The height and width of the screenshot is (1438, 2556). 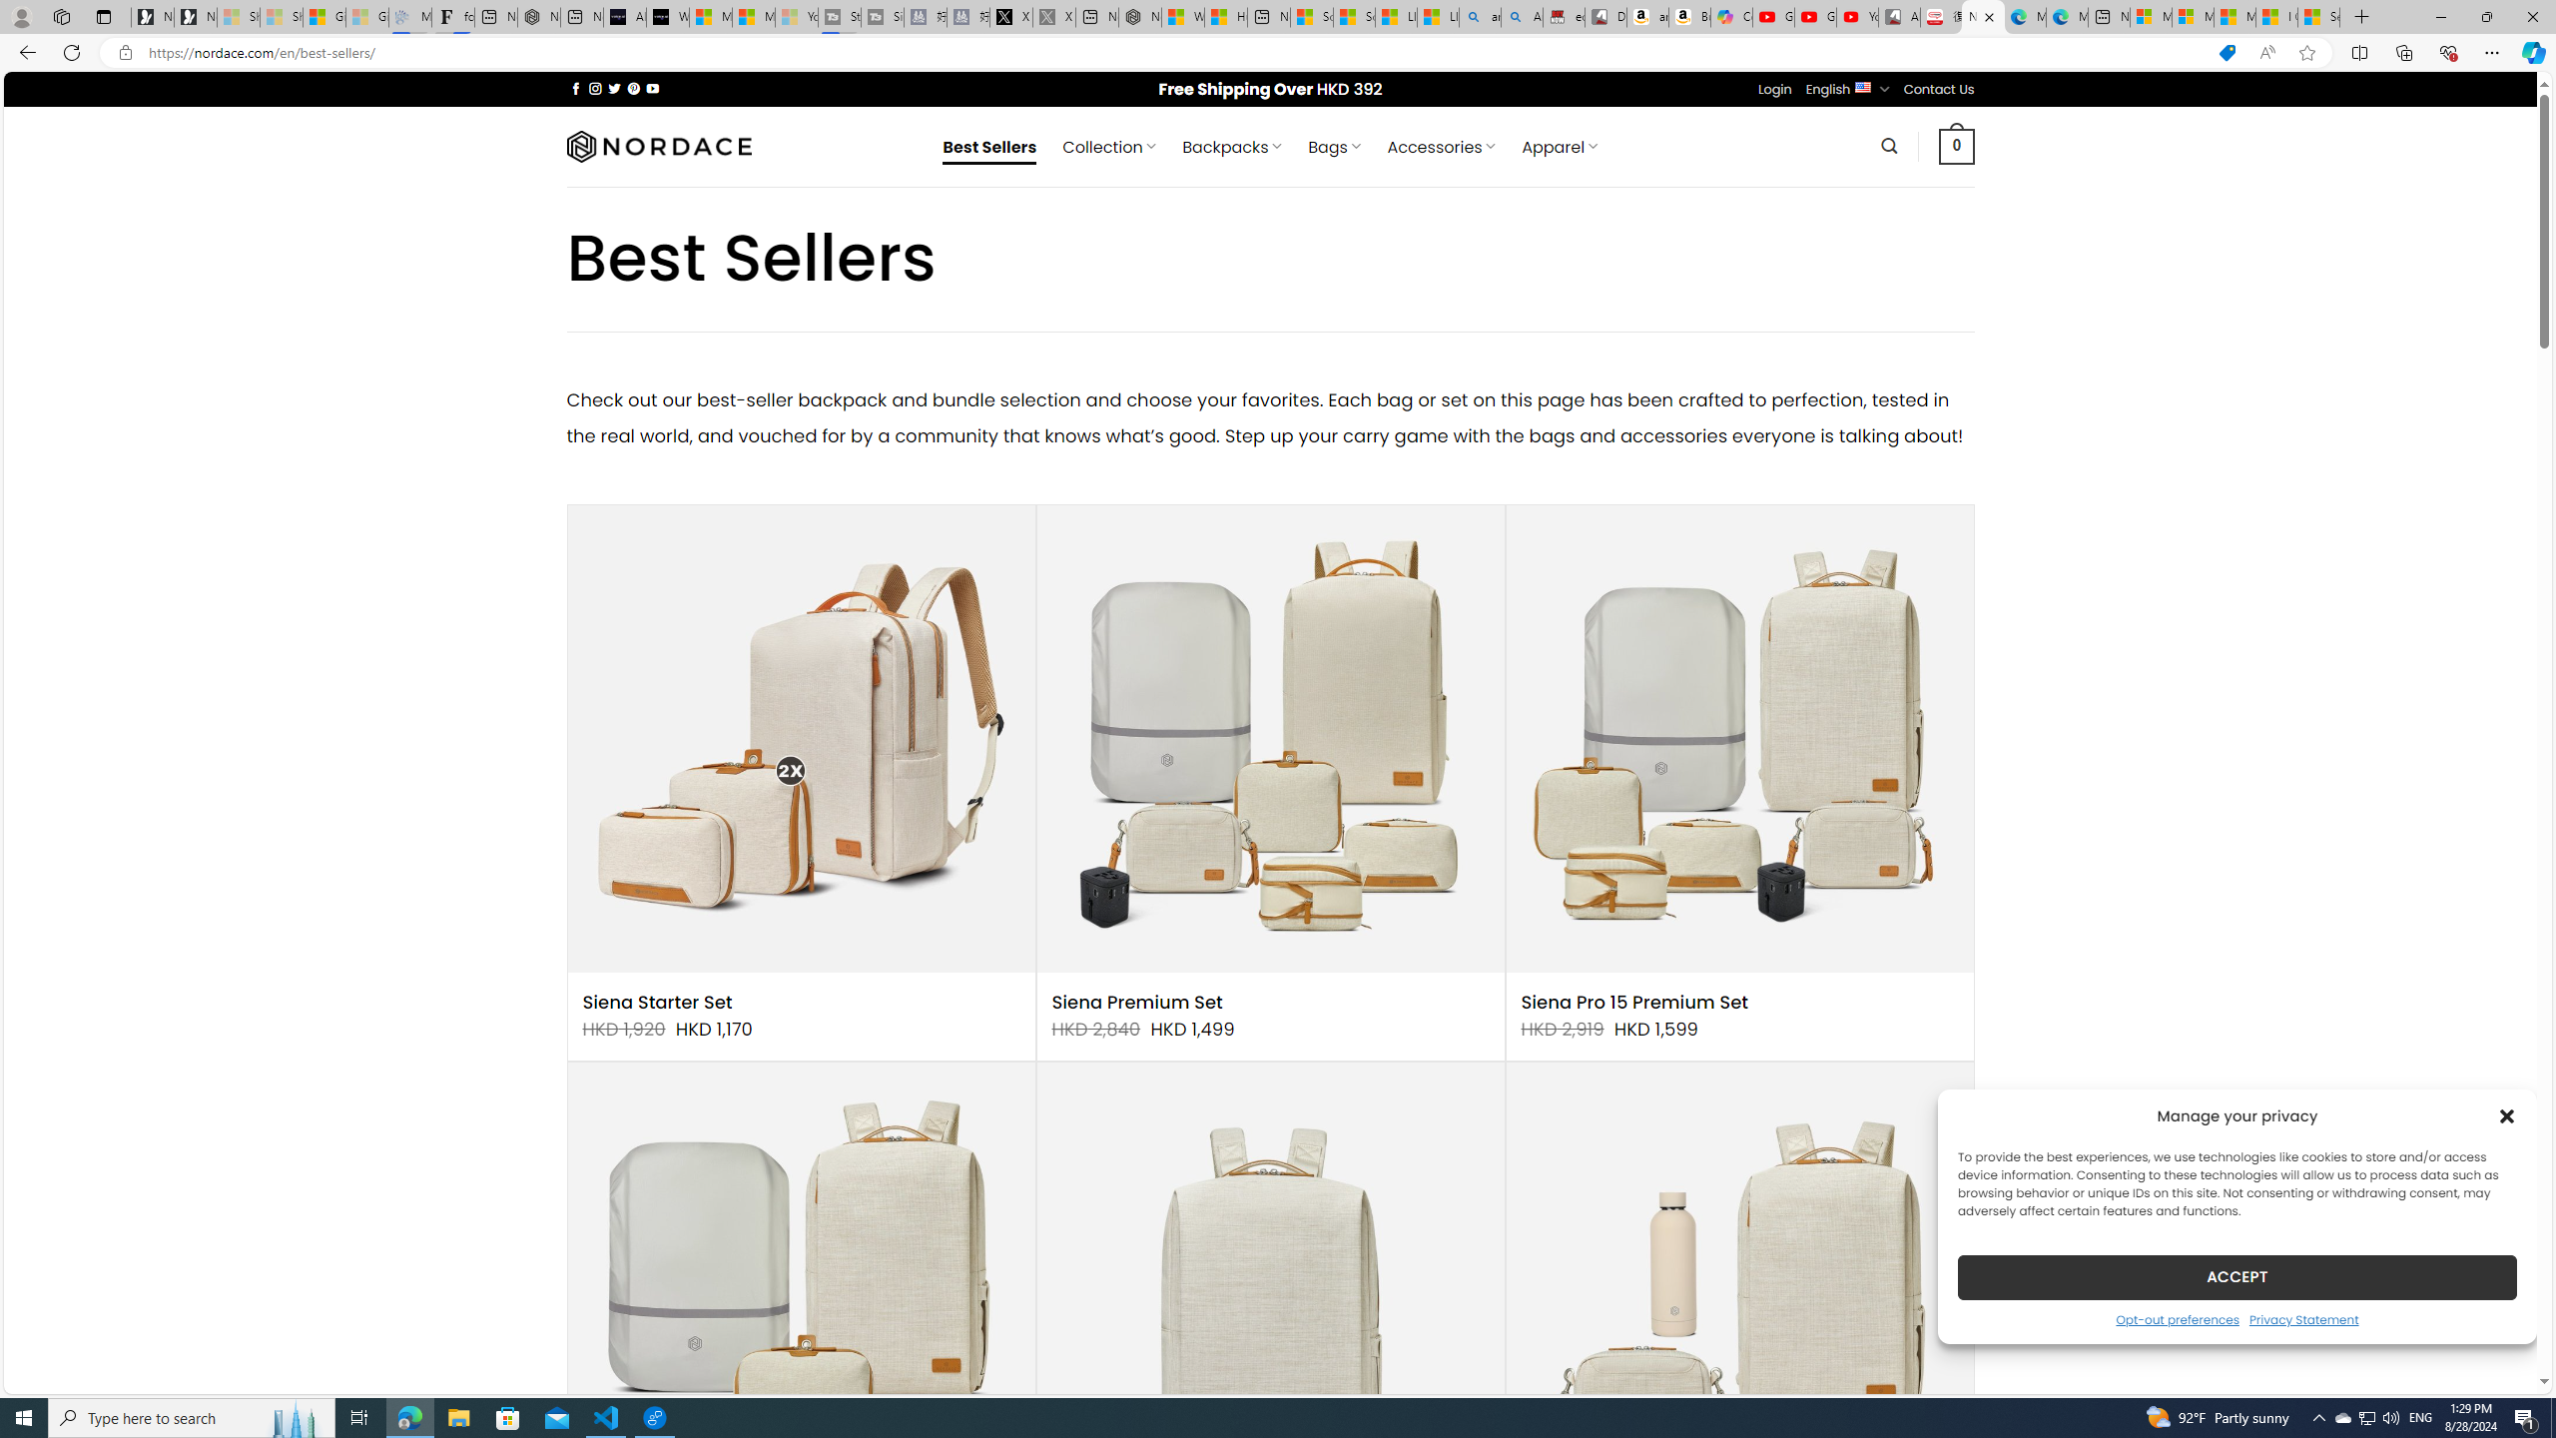 What do you see at coordinates (2531, 172) in the screenshot?
I see `'Outlook'` at bounding box center [2531, 172].